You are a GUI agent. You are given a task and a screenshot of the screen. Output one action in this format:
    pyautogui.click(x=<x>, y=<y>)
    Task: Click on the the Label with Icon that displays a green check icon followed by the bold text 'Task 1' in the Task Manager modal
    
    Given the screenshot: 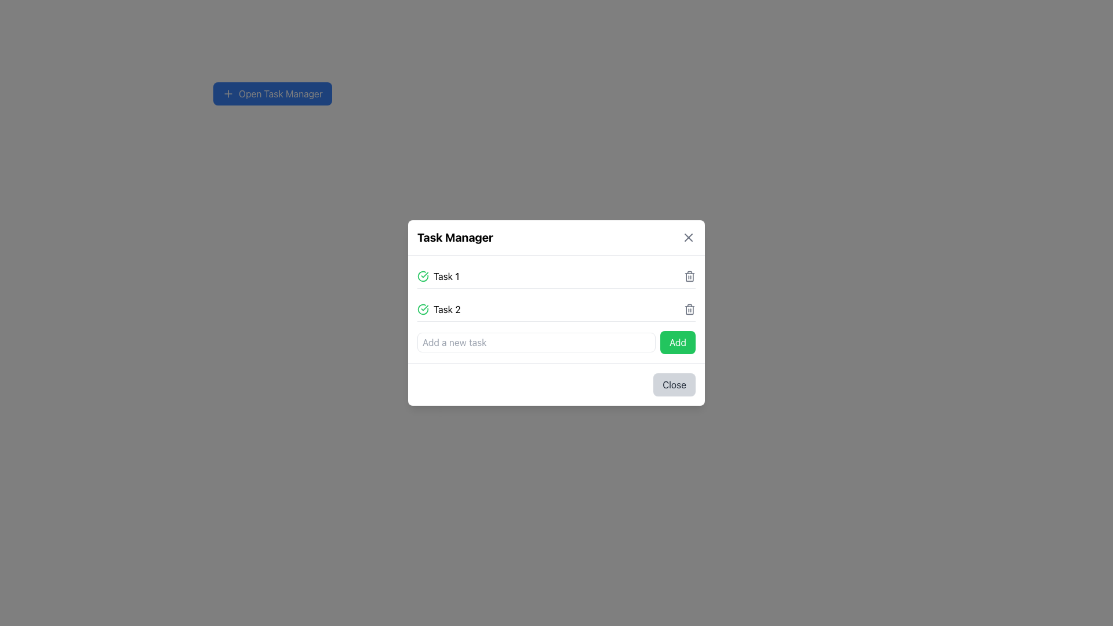 What is the action you would take?
    pyautogui.click(x=438, y=276)
    